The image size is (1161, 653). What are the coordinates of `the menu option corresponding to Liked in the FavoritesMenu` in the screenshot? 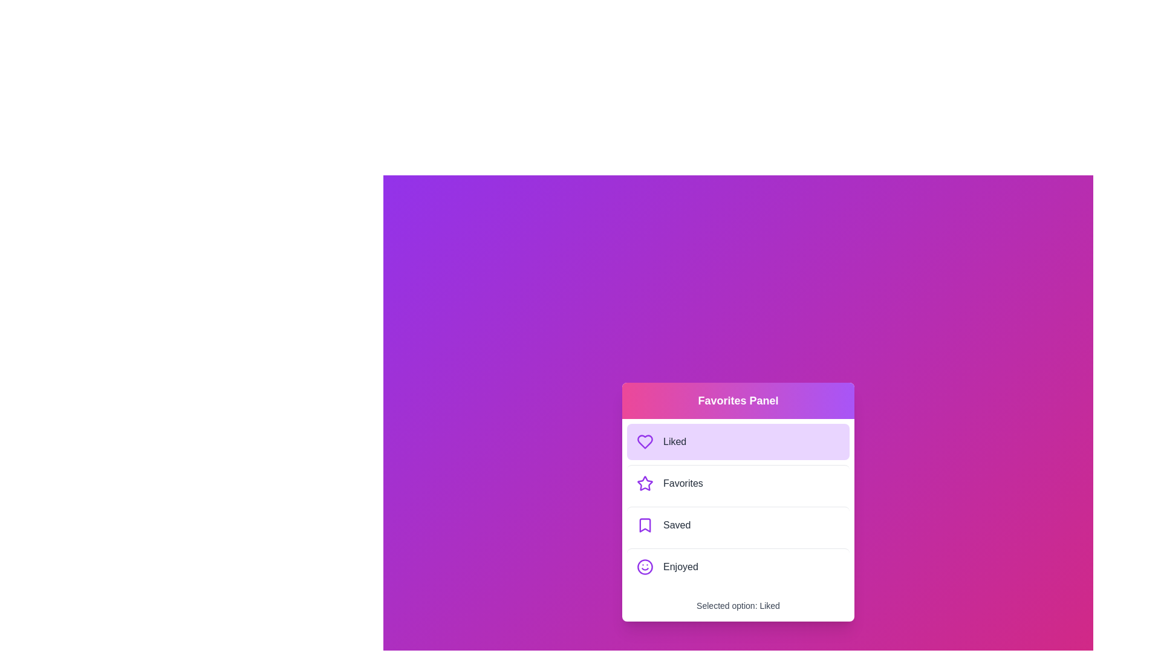 It's located at (737, 441).